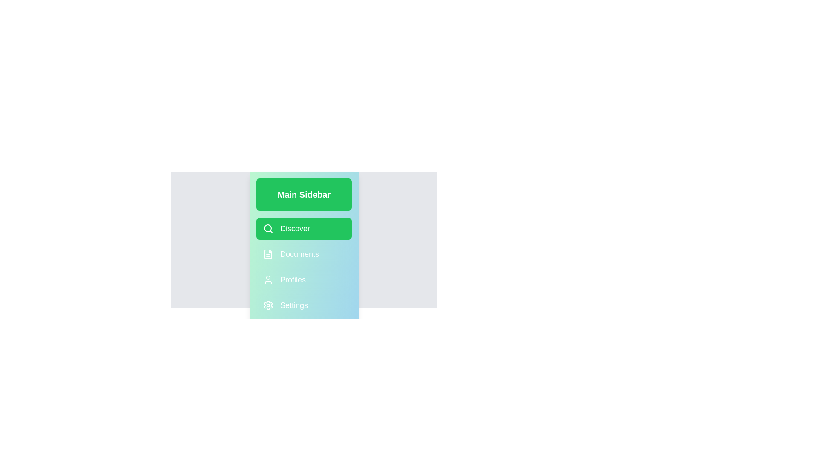 This screenshot has width=819, height=460. What do you see at coordinates (267, 228) in the screenshot?
I see `the small magnifying glass icon representing search functionality, which is outlined in white and positioned on a green background to the left of the text 'Discover'` at bounding box center [267, 228].